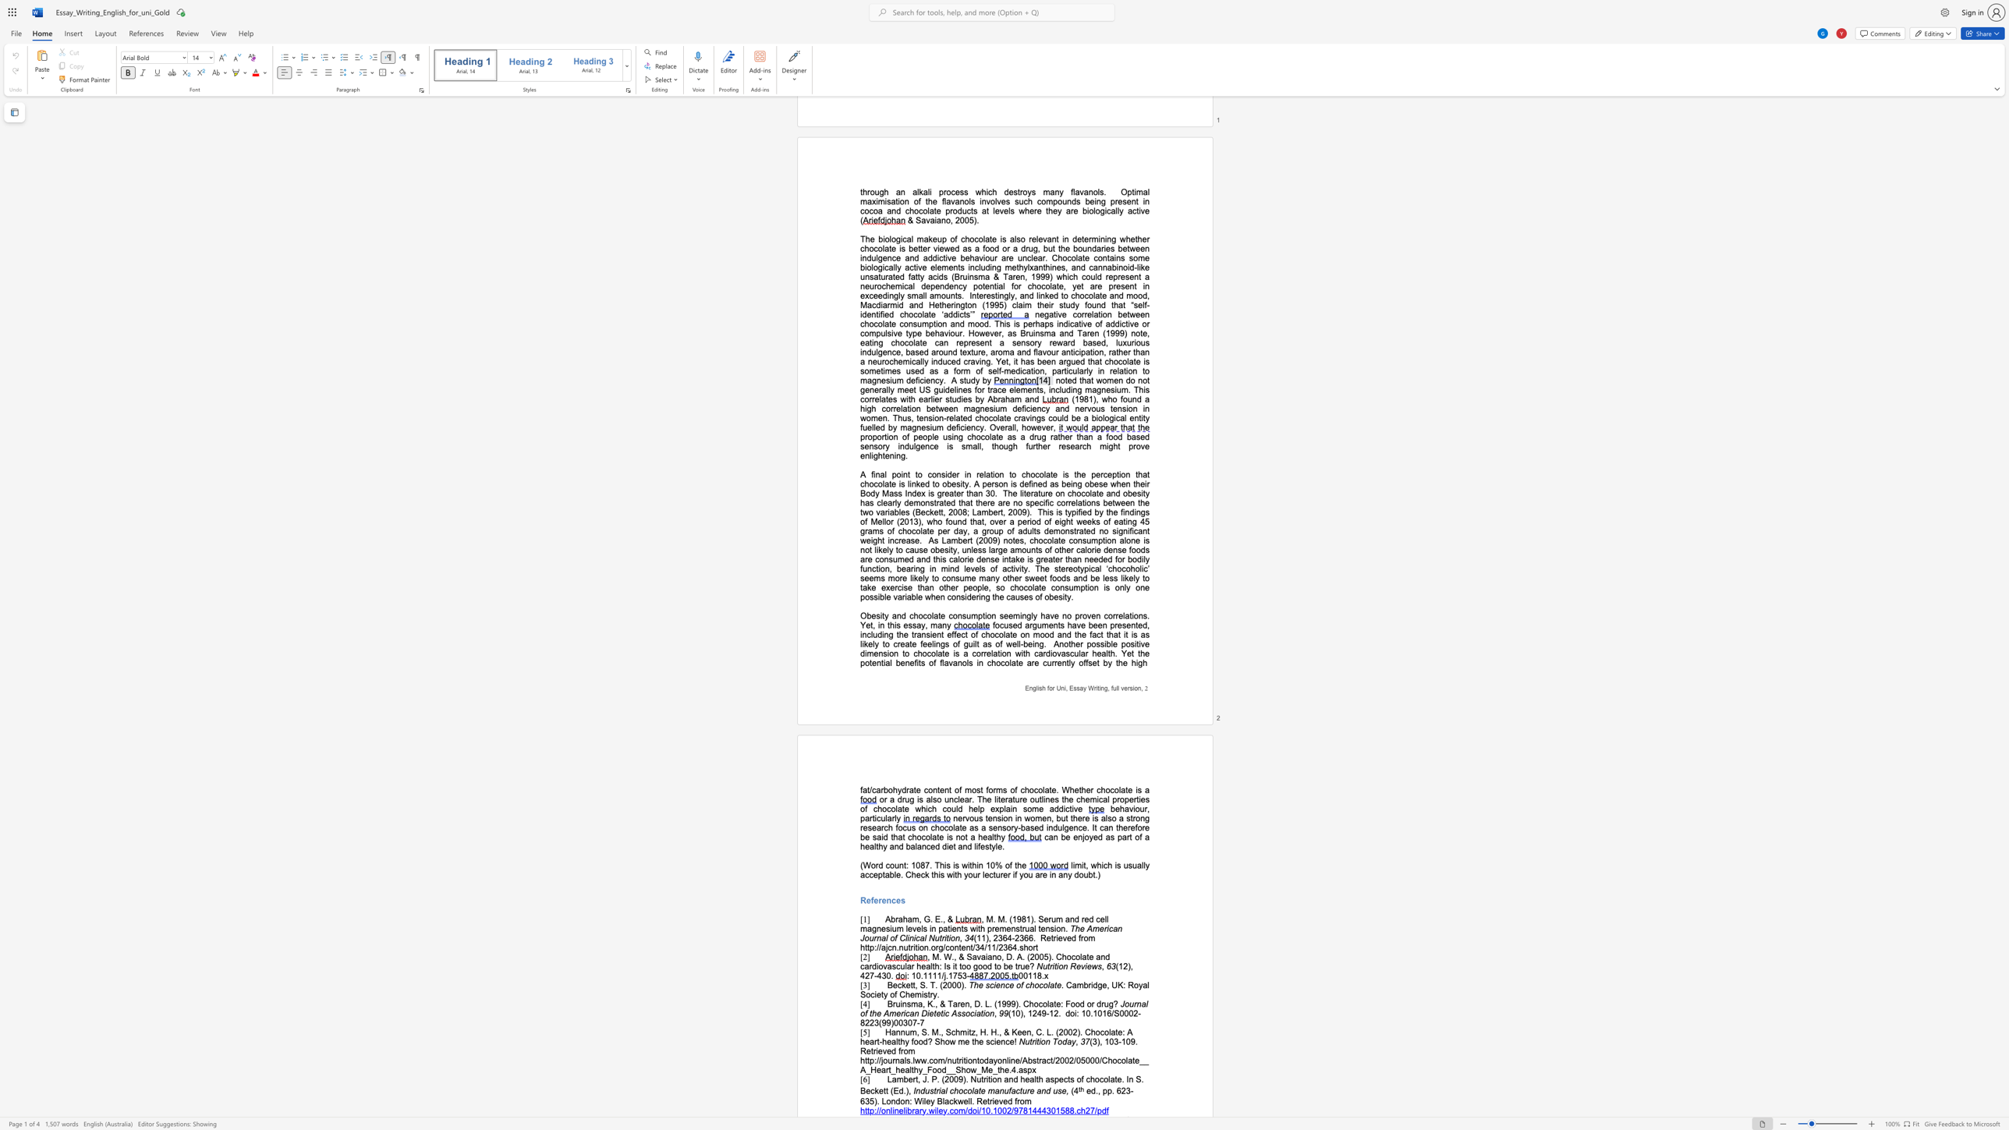 This screenshot has height=1130, width=2009. Describe the element at coordinates (891, 615) in the screenshot. I see `the subset text "and chocola" within the text "Obesity and chocolate consumption"` at that location.